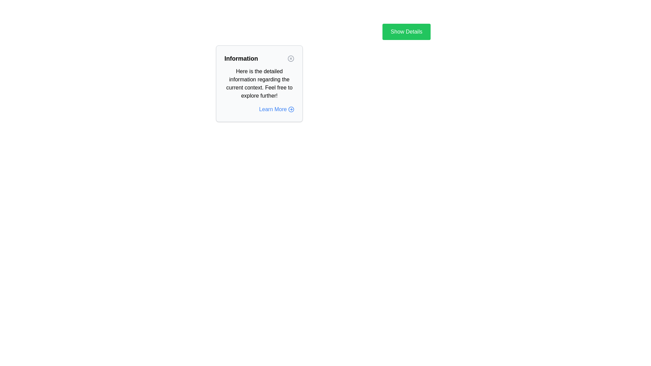 The width and height of the screenshot is (651, 366). Describe the element at coordinates (291, 58) in the screenshot. I see `the SVG circle icon component located at the top-right corner of the 'Information' card` at that location.